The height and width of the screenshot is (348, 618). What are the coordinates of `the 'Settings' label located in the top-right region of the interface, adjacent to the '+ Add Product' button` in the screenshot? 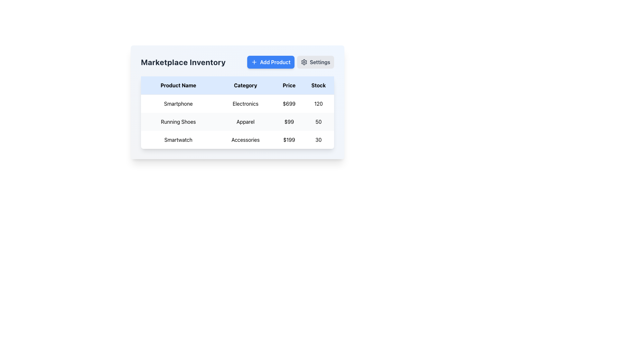 It's located at (320, 62).